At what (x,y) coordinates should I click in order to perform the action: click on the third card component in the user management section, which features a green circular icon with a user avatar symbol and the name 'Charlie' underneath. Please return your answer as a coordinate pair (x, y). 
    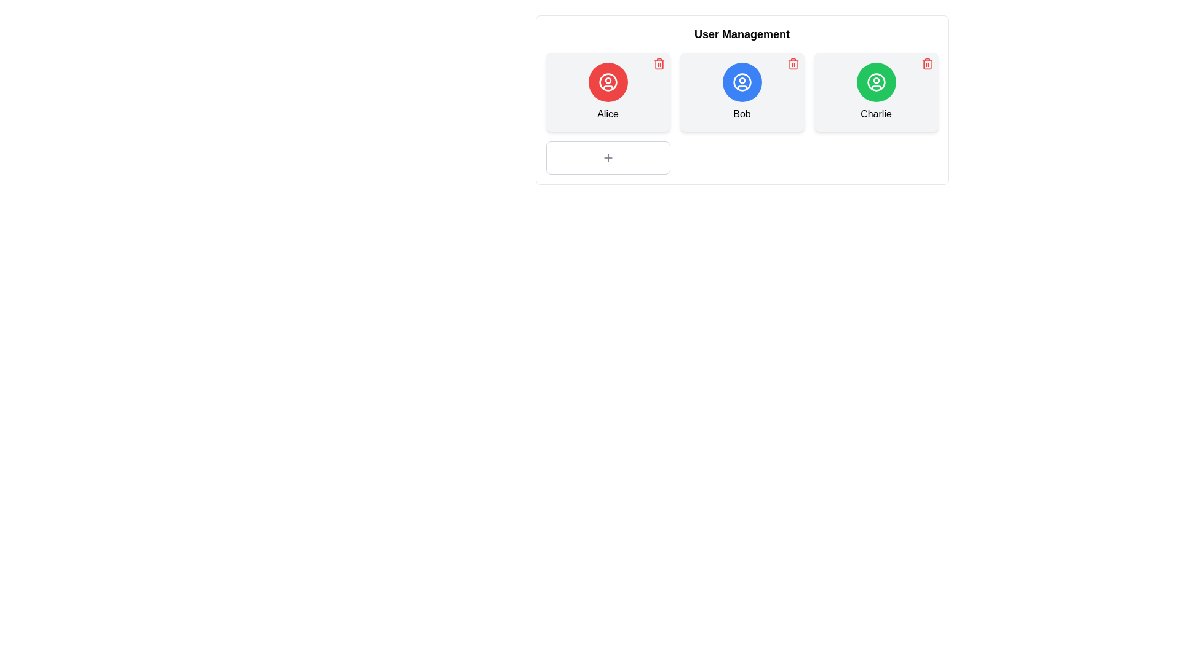
    Looking at the image, I should click on (875, 92).